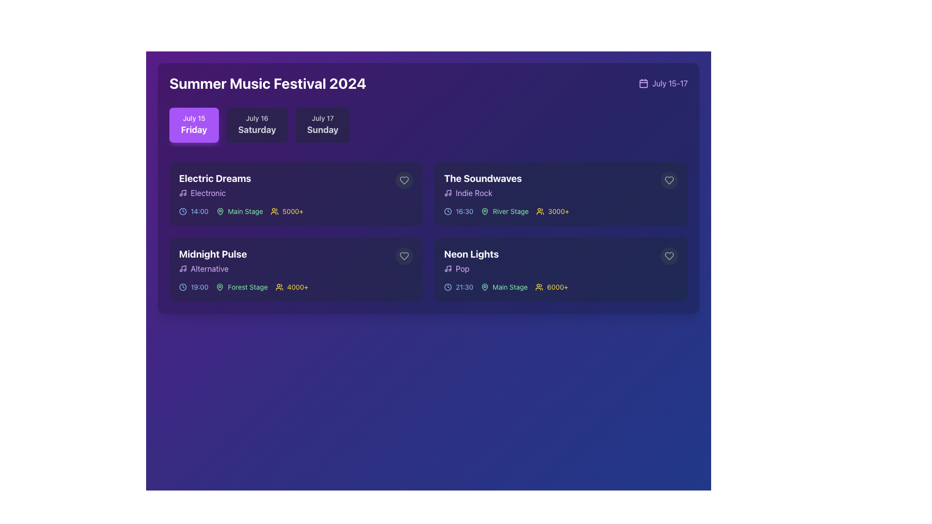 This screenshot has width=932, height=524. I want to click on the music note icon within the 'Electric Dreams' event card, which features a vertical line and a note circle design, so click(184, 193).